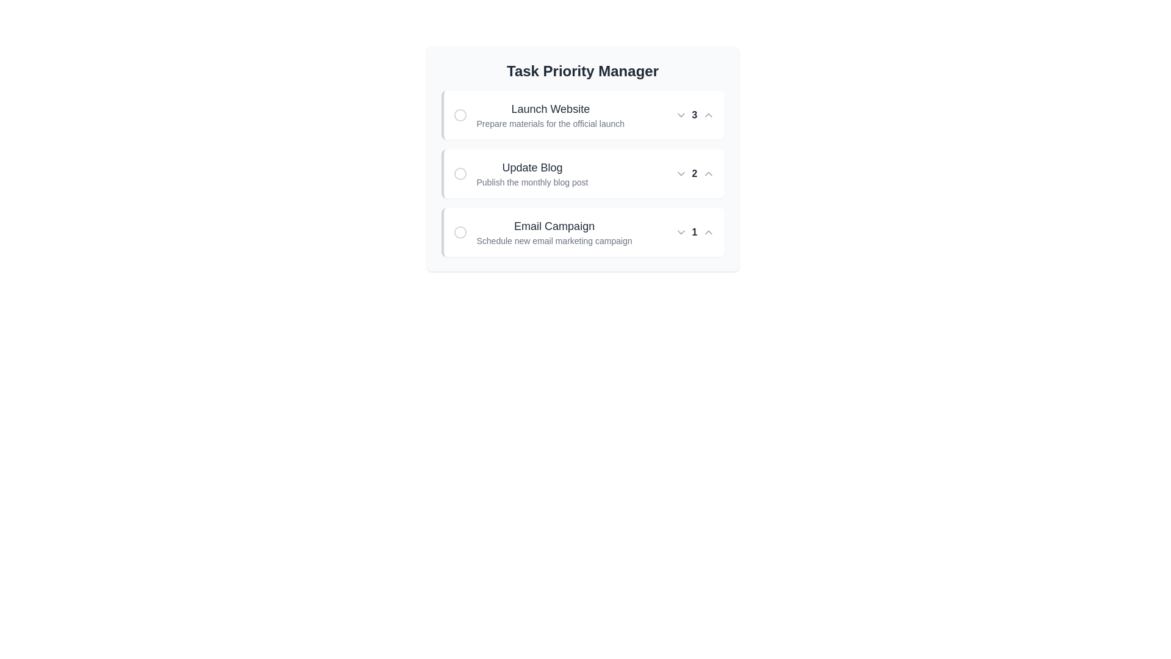 The image size is (1171, 659). Describe the element at coordinates (695, 174) in the screenshot. I see `current priority level displayed in the text indicator located at the right end of the 'Update Blog' row, between two interactive buttons` at that location.